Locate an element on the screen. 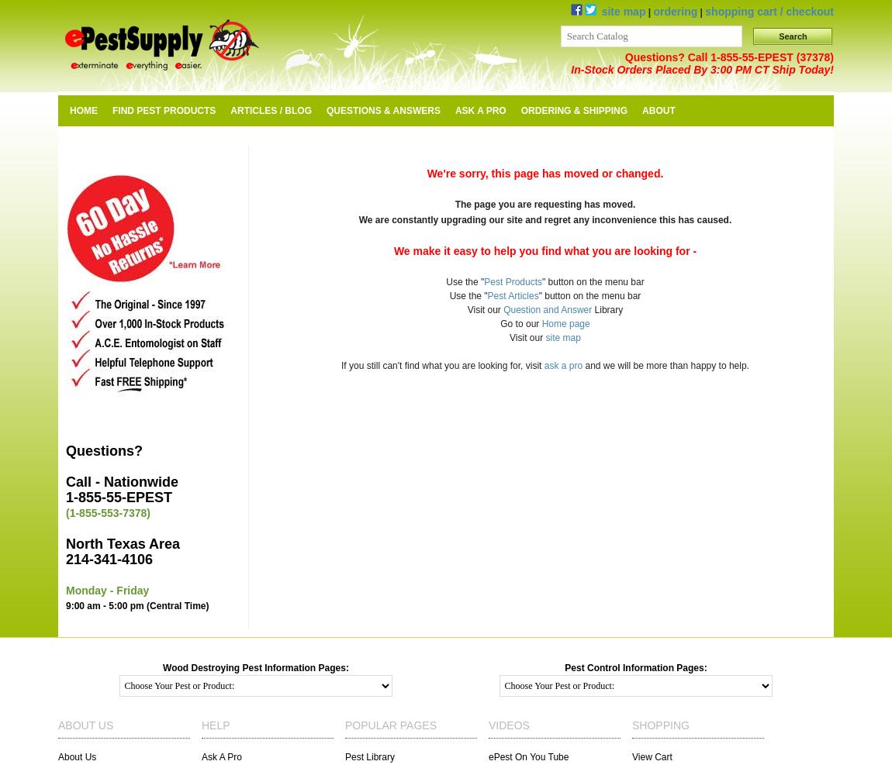 The width and height of the screenshot is (892, 775). 'ask a pro' is located at coordinates (562, 365).